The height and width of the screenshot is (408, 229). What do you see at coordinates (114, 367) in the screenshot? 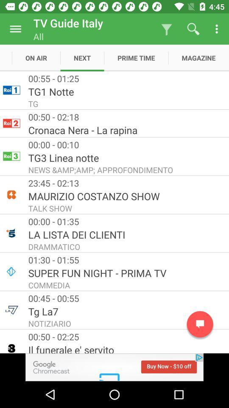
I see `advertisement for google chromecast` at bounding box center [114, 367].